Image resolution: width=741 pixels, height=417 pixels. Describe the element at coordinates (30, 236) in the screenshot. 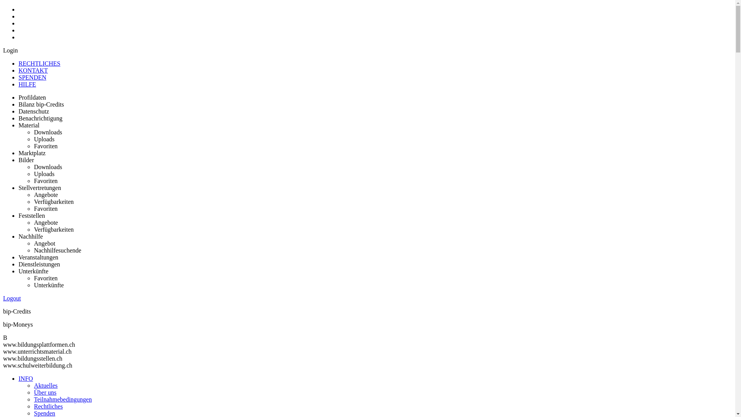

I see `'Nachhilfe'` at that location.